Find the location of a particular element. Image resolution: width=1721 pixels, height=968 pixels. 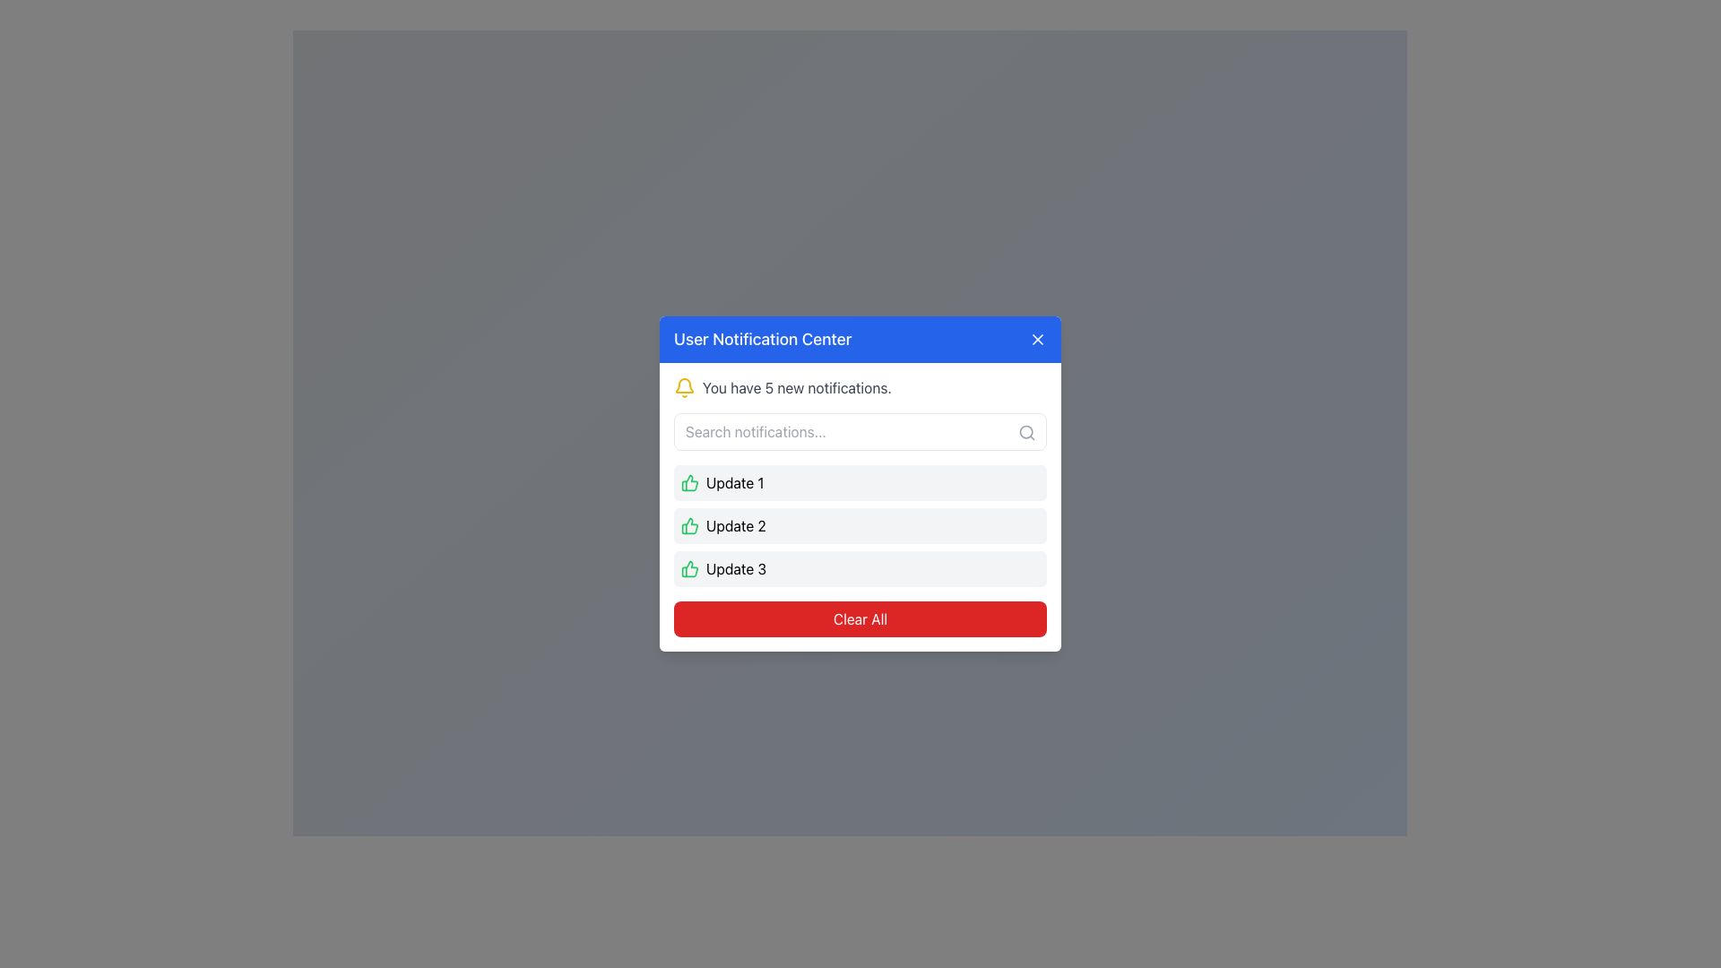

the notifications button in the User Notification Center dialog is located at coordinates (849, 514).